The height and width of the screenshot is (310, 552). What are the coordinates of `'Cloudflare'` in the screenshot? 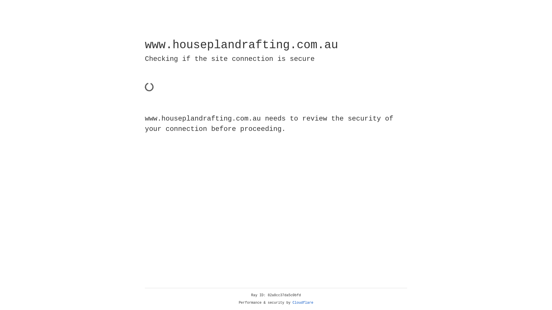 It's located at (303, 303).